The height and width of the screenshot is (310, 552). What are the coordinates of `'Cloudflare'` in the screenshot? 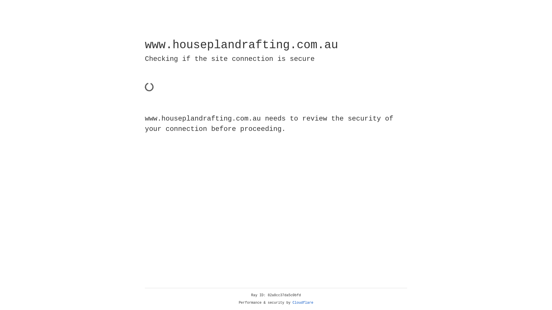 It's located at (303, 303).